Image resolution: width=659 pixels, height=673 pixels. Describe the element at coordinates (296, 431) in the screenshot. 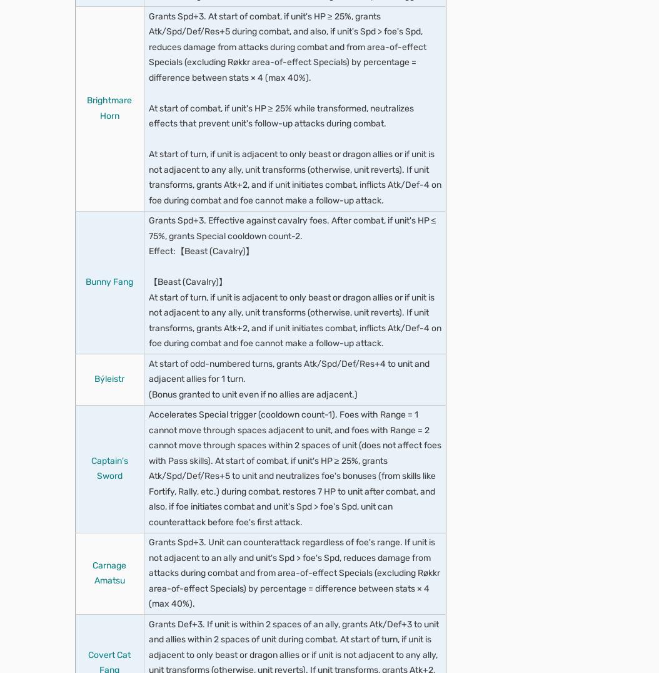

I see `'At start of turn, if unit is adjacent to an ally, grants Spd/Res+4 to unit for 1 turn.'` at that location.